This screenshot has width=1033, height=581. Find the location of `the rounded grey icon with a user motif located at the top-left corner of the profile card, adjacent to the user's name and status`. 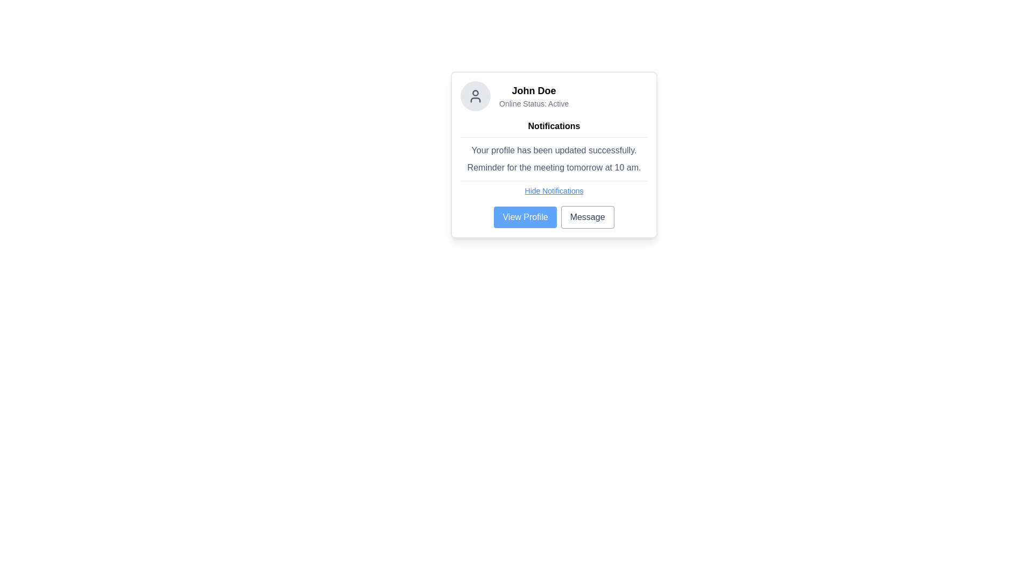

the rounded grey icon with a user motif located at the top-left corner of the profile card, adjacent to the user's name and status is located at coordinates (475, 95).